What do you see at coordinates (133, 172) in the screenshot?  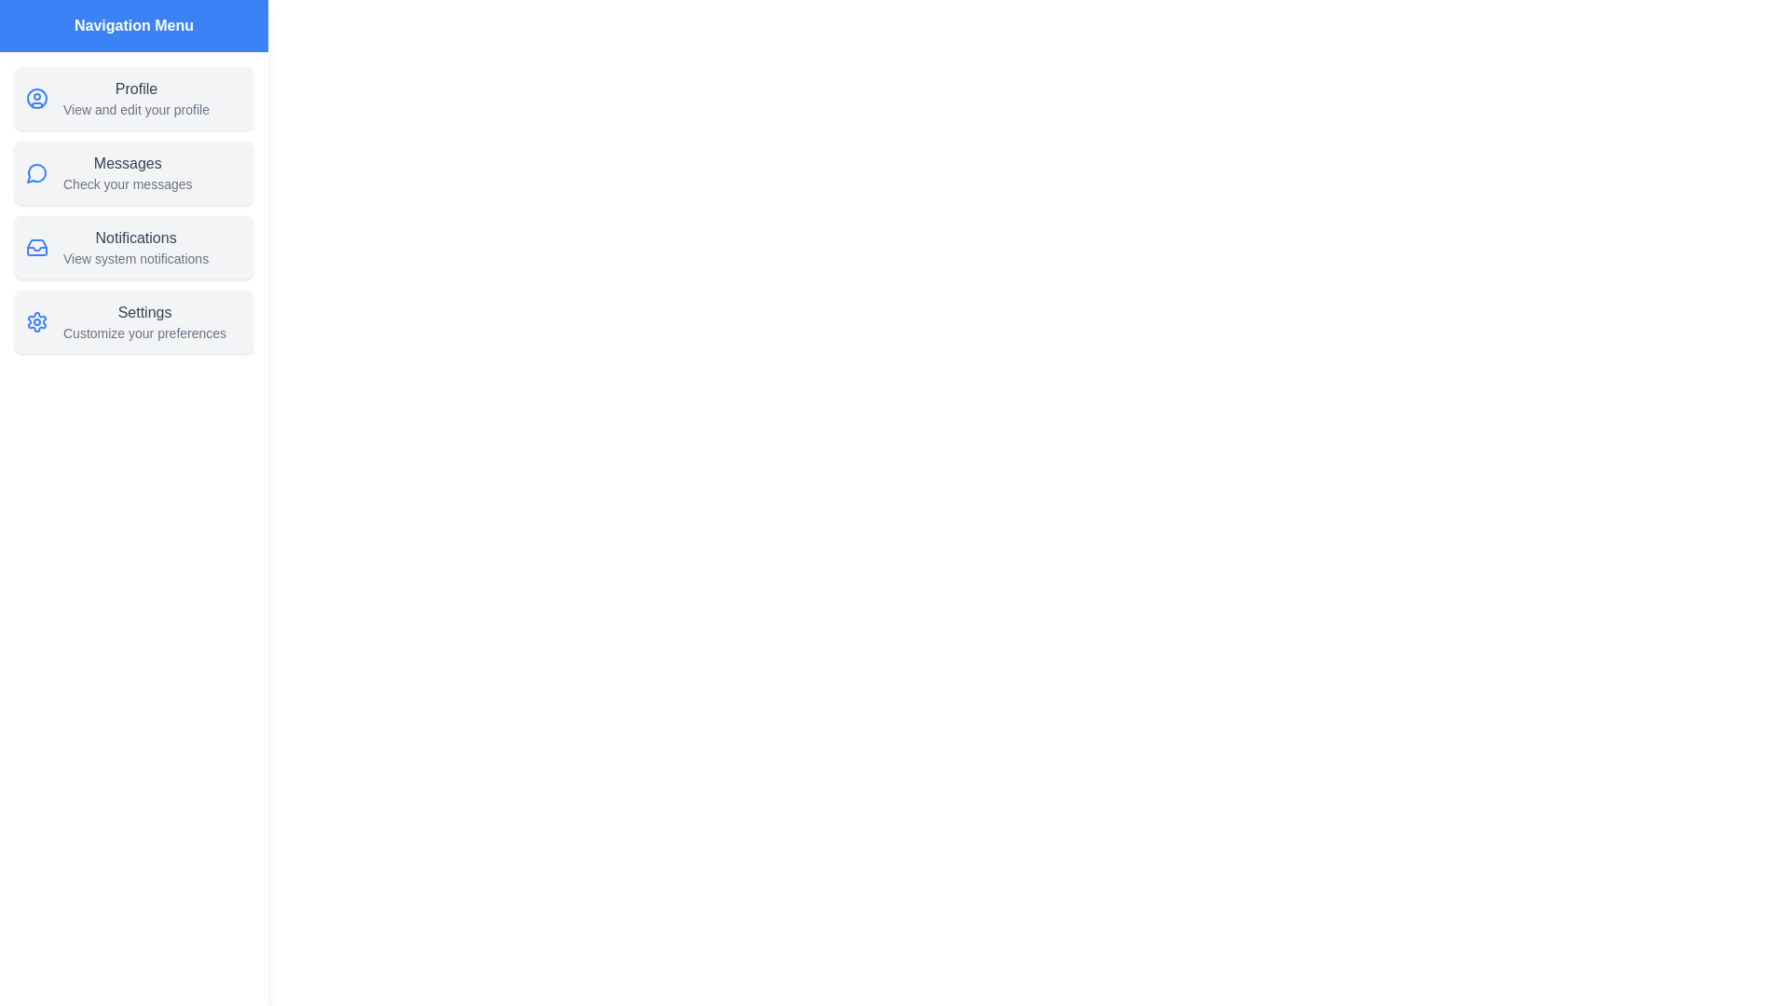 I see `the menu item corresponding to Messages` at bounding box center [133, 172].